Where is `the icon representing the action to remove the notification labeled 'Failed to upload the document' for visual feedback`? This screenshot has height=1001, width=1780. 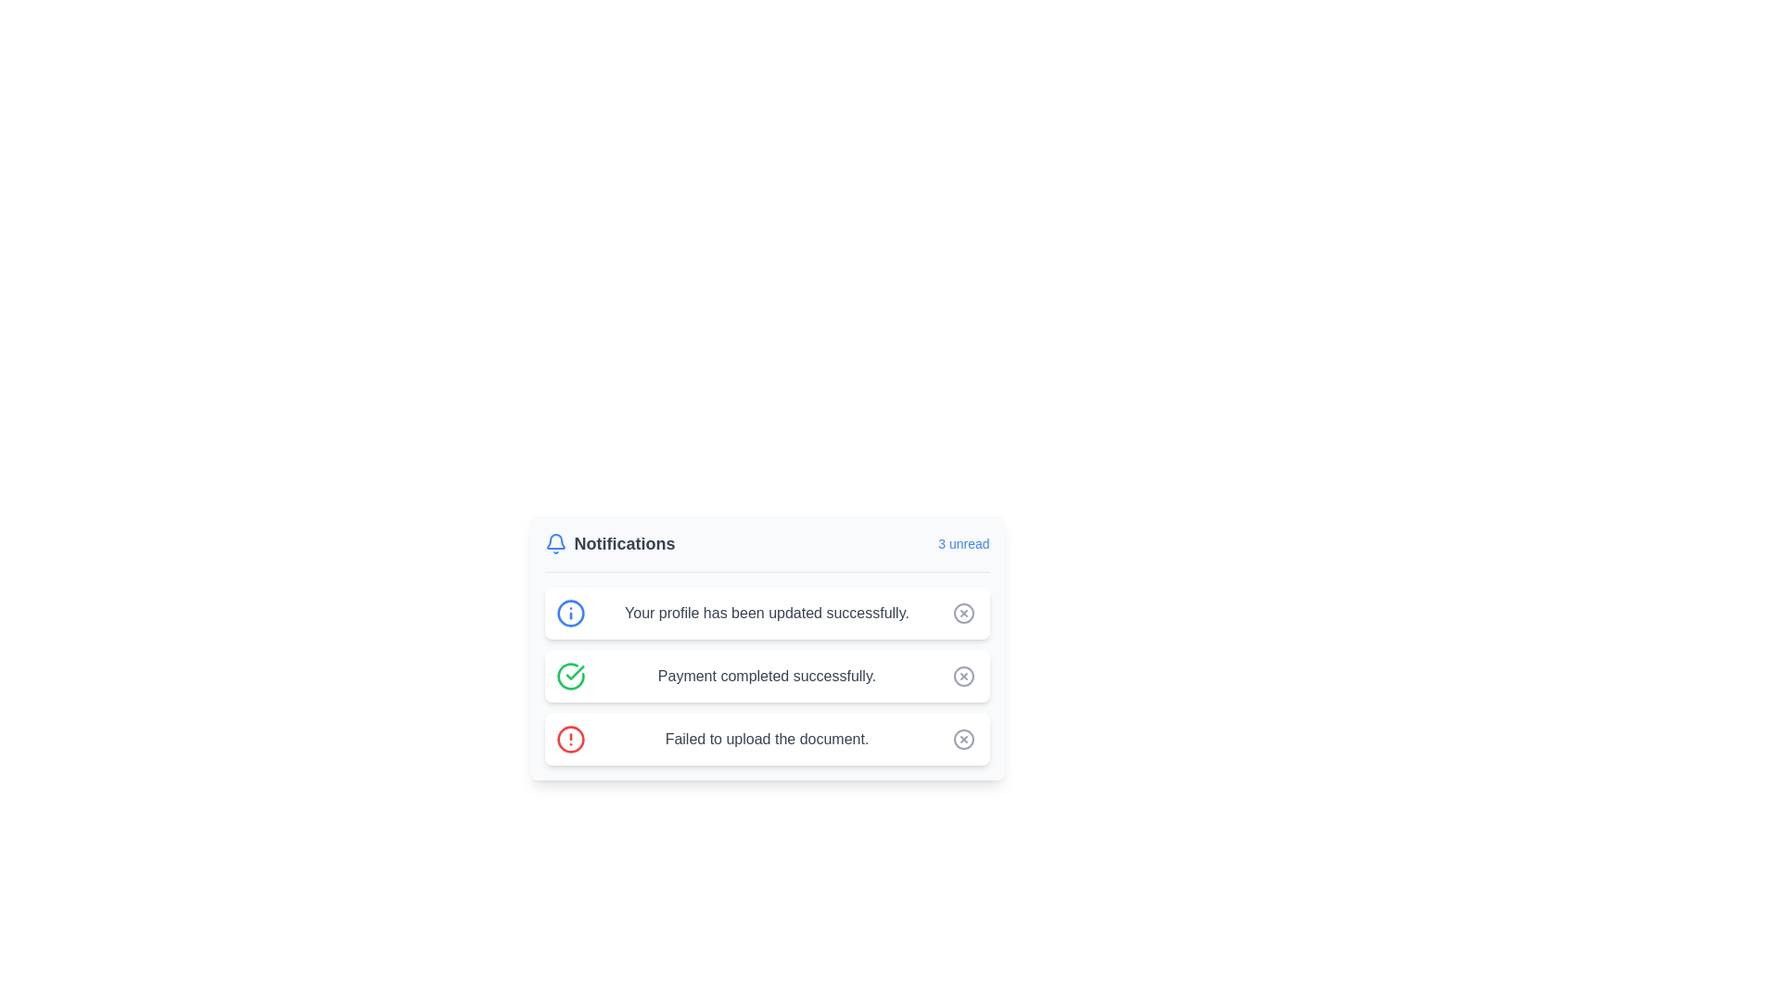
the icon representing the action to remove the notification labeled 'Failed to upload the document' for visual feedback is located at coordinates (963, 739).